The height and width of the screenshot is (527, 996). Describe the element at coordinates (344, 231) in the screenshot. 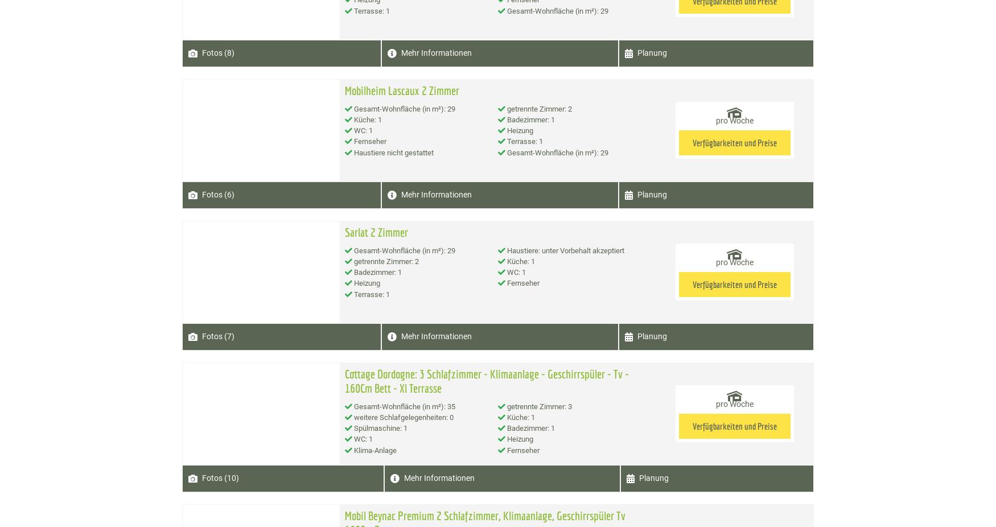

I see `'Sarlat 2 Zimmer'` at that location.